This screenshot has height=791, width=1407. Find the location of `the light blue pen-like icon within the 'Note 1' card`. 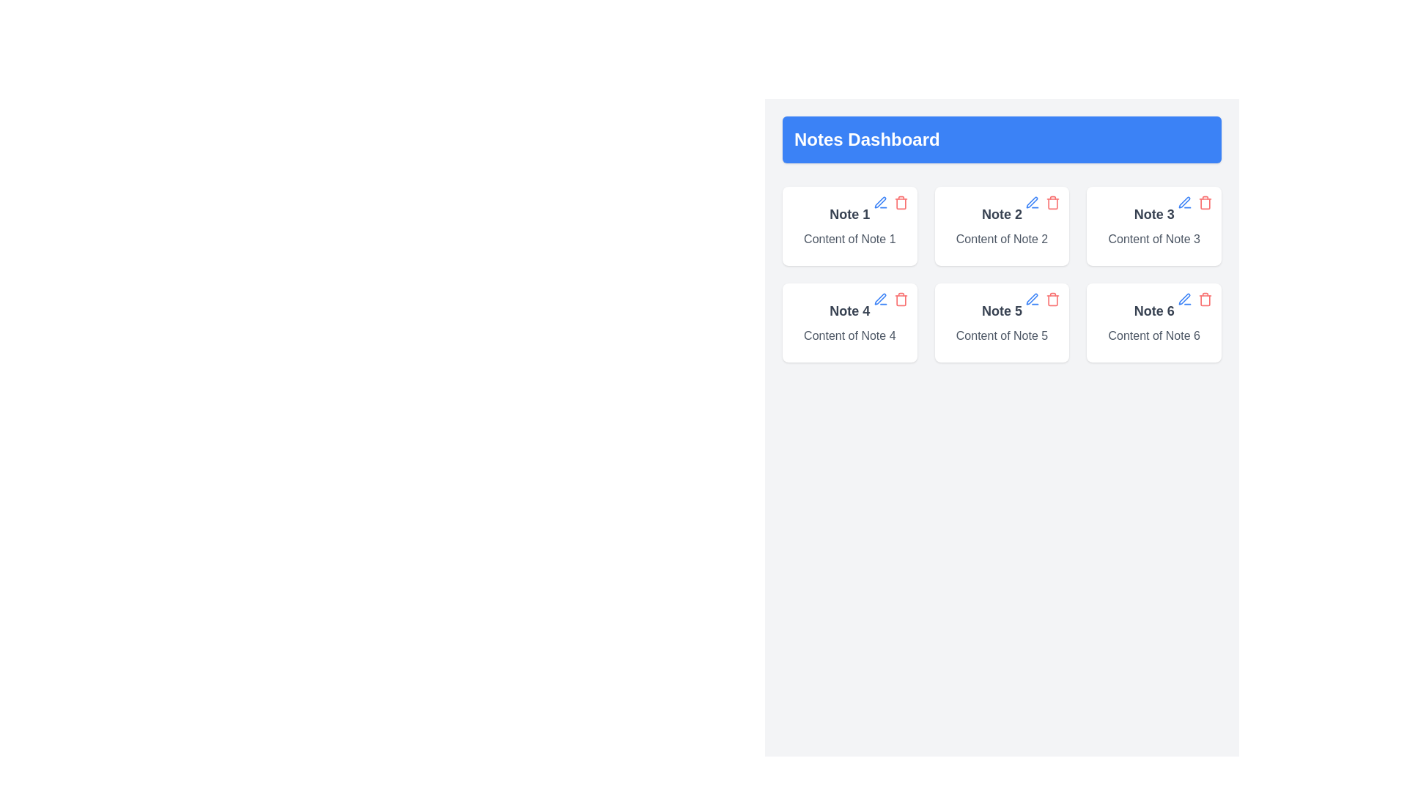

the light blue pen-like icon within the 'Note 1' card is located at coordinates (1184, 202).